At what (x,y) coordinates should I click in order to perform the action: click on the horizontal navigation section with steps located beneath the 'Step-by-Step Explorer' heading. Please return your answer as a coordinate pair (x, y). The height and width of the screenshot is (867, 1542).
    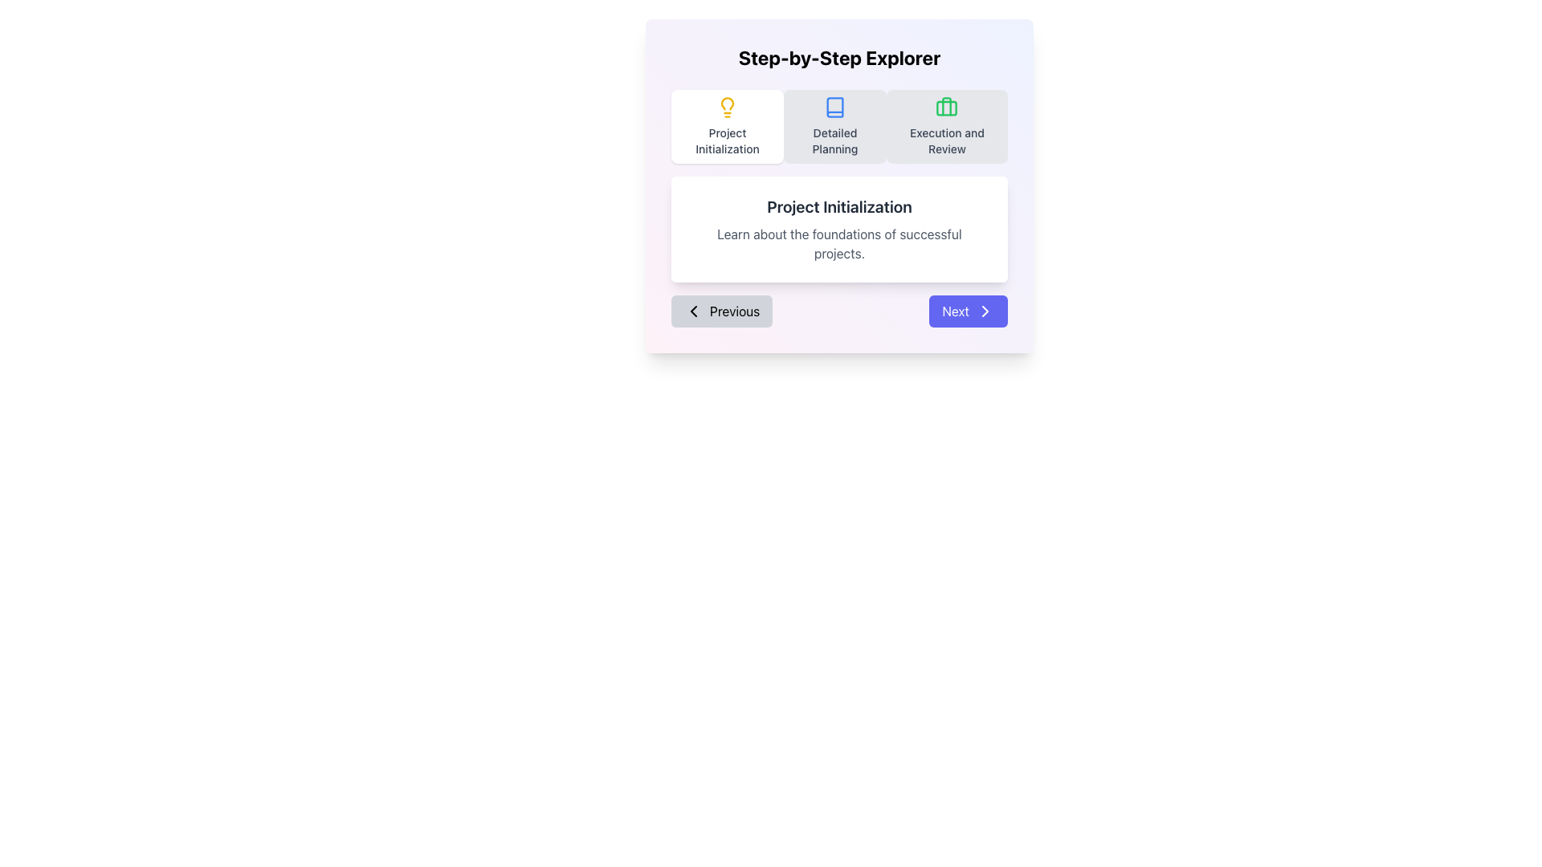
    Looking at the image, I should click on (838, 126).